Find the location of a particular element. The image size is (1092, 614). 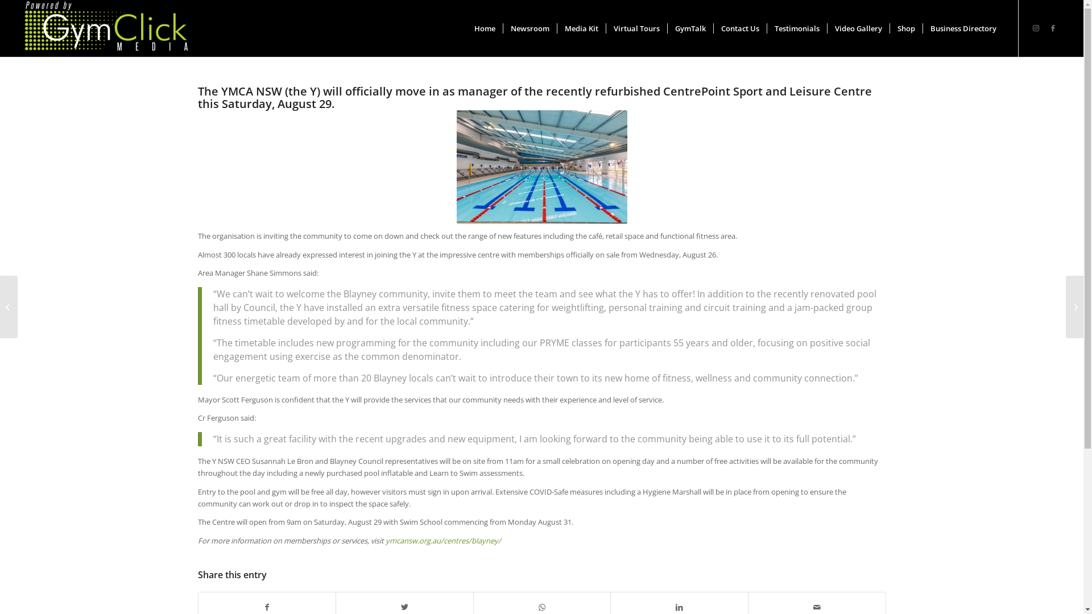

'ymcansw.org.au/centres/blayney/' is located at coordinates (442, 540).